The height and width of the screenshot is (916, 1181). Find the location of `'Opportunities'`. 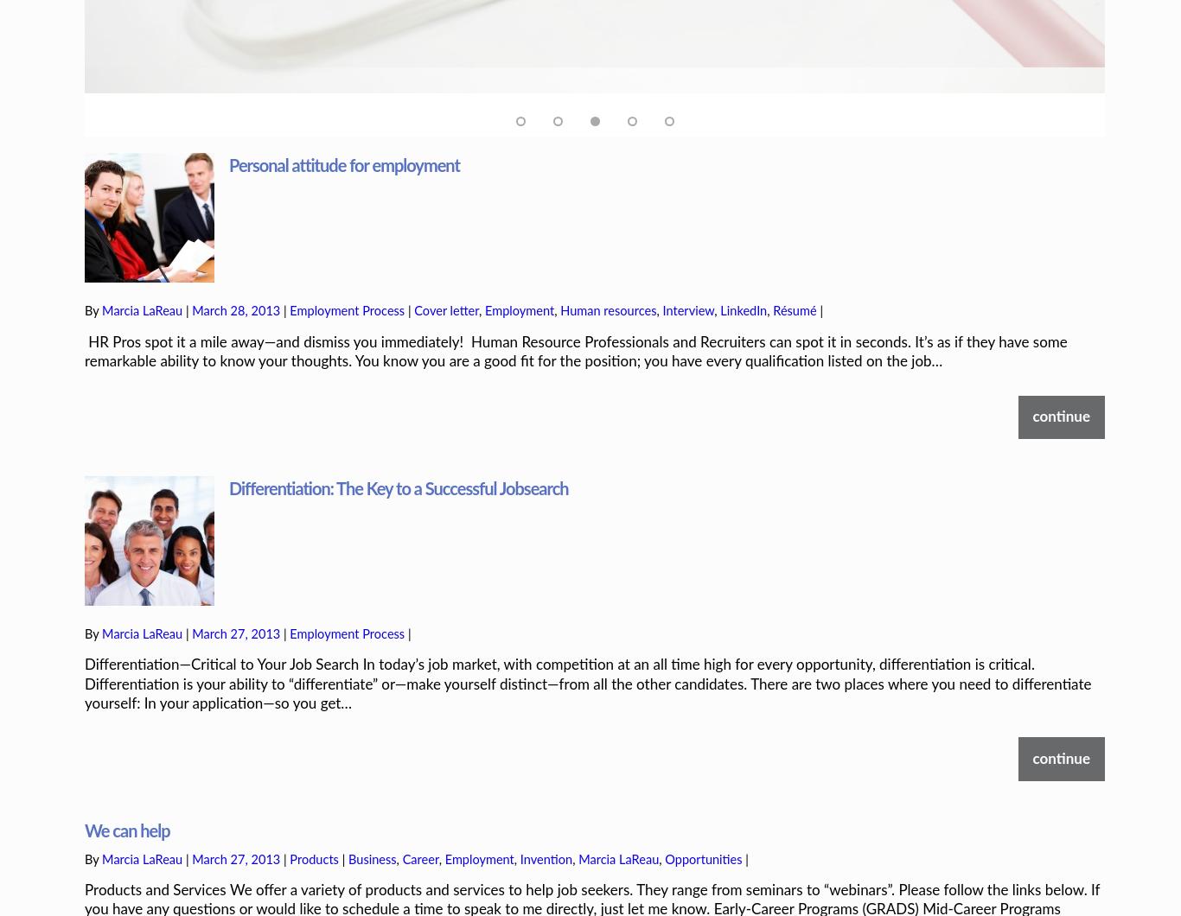

'Opportunities' is located at coordinates (702, 800).